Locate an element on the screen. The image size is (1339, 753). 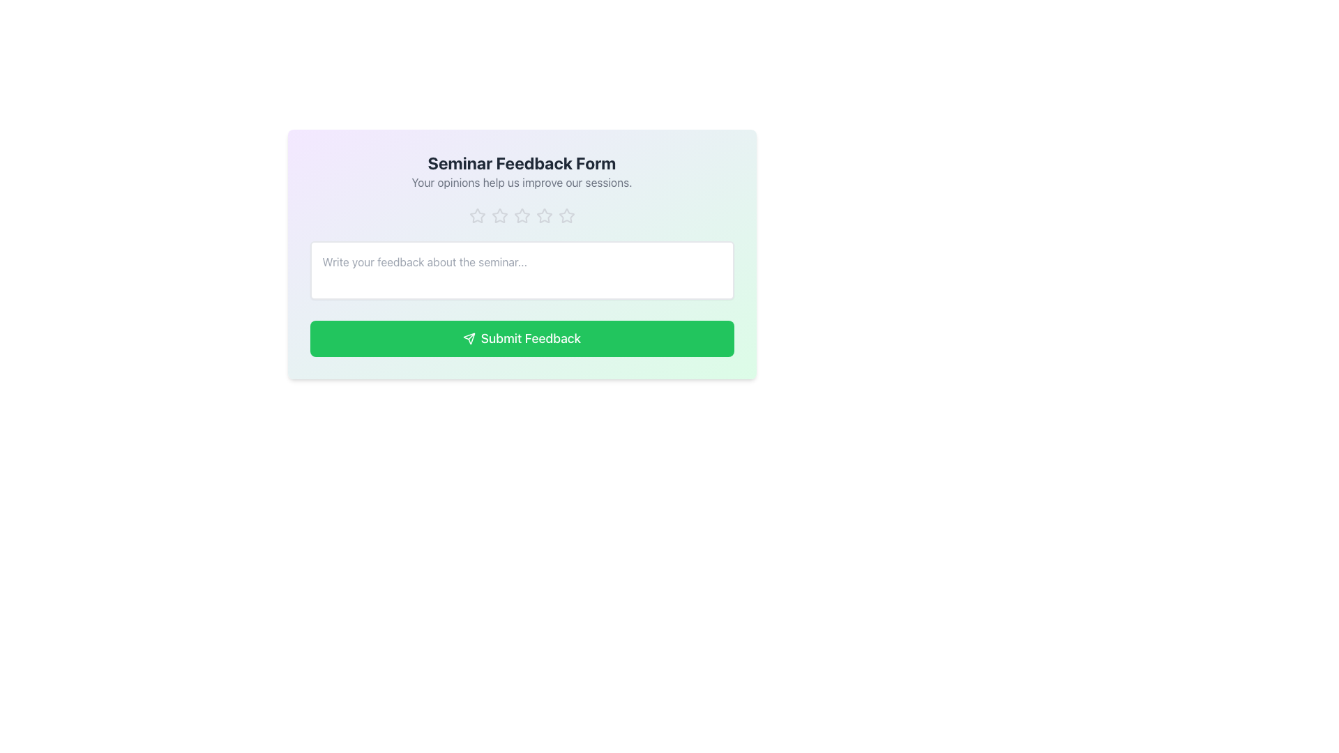
the second star in the rating system is located at coordinates (499, 215).